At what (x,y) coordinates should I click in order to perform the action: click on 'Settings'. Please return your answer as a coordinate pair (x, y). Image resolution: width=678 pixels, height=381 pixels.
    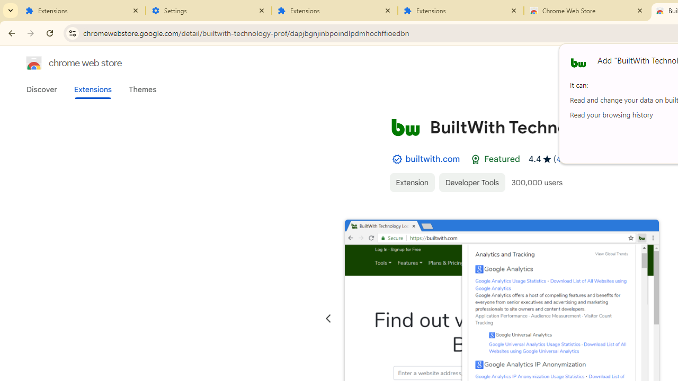
    Looking at the image, I should click on (209, 11).